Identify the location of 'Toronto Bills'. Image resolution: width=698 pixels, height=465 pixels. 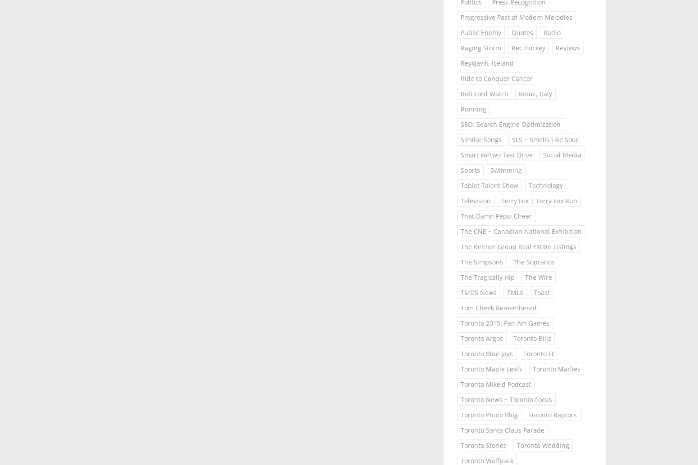
(532, 338).